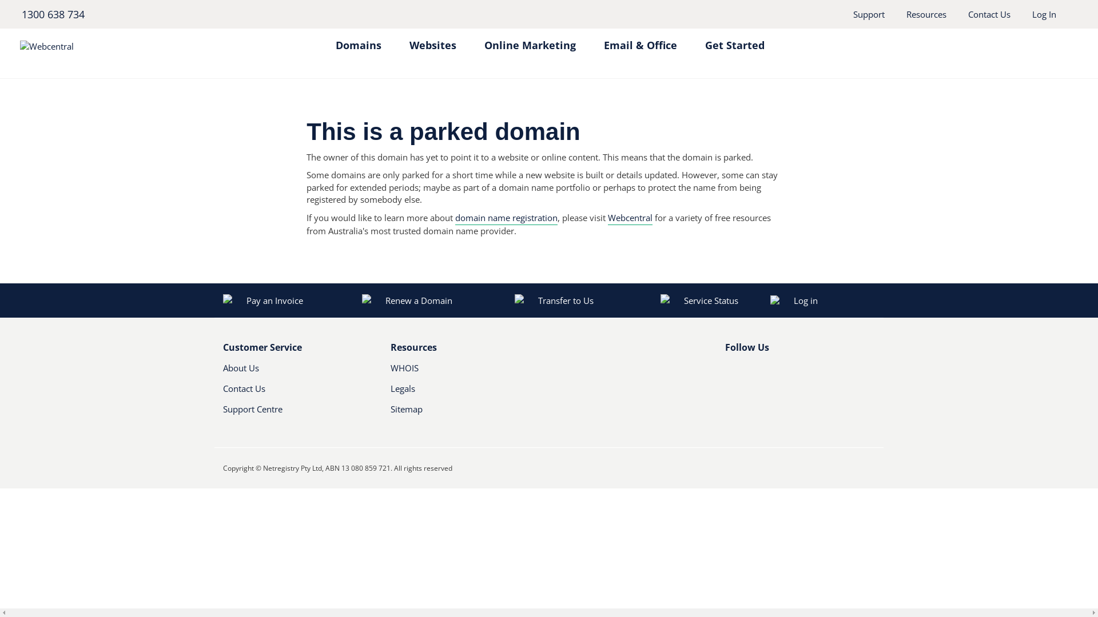  I want to click on 'domain name registration', so click(506, 218).